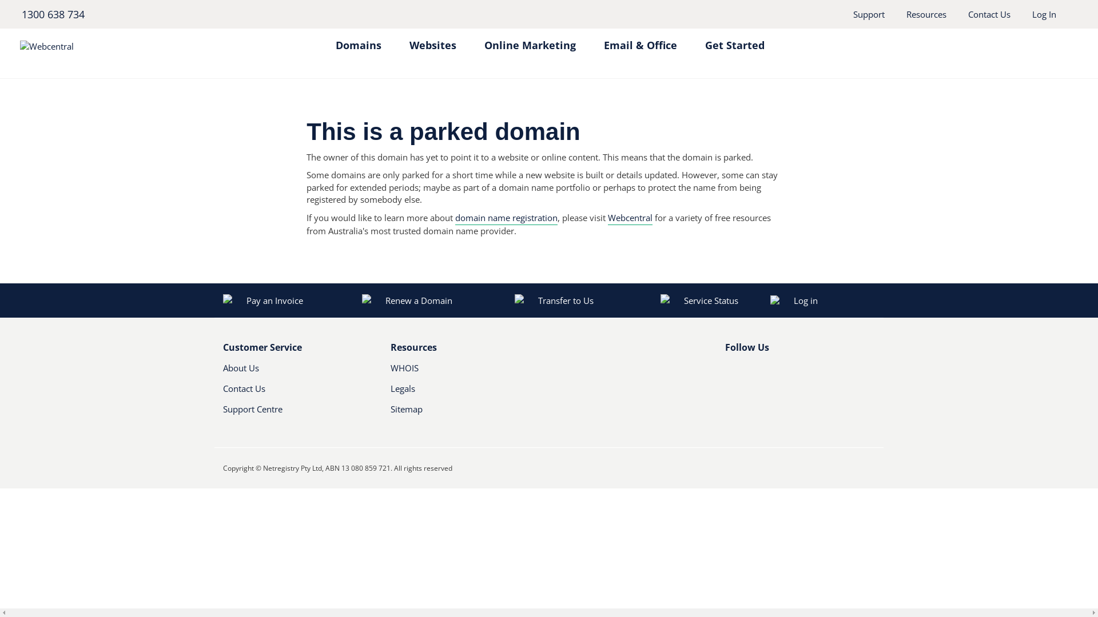  I want to click on 'domain name registration', so click(506, 218).